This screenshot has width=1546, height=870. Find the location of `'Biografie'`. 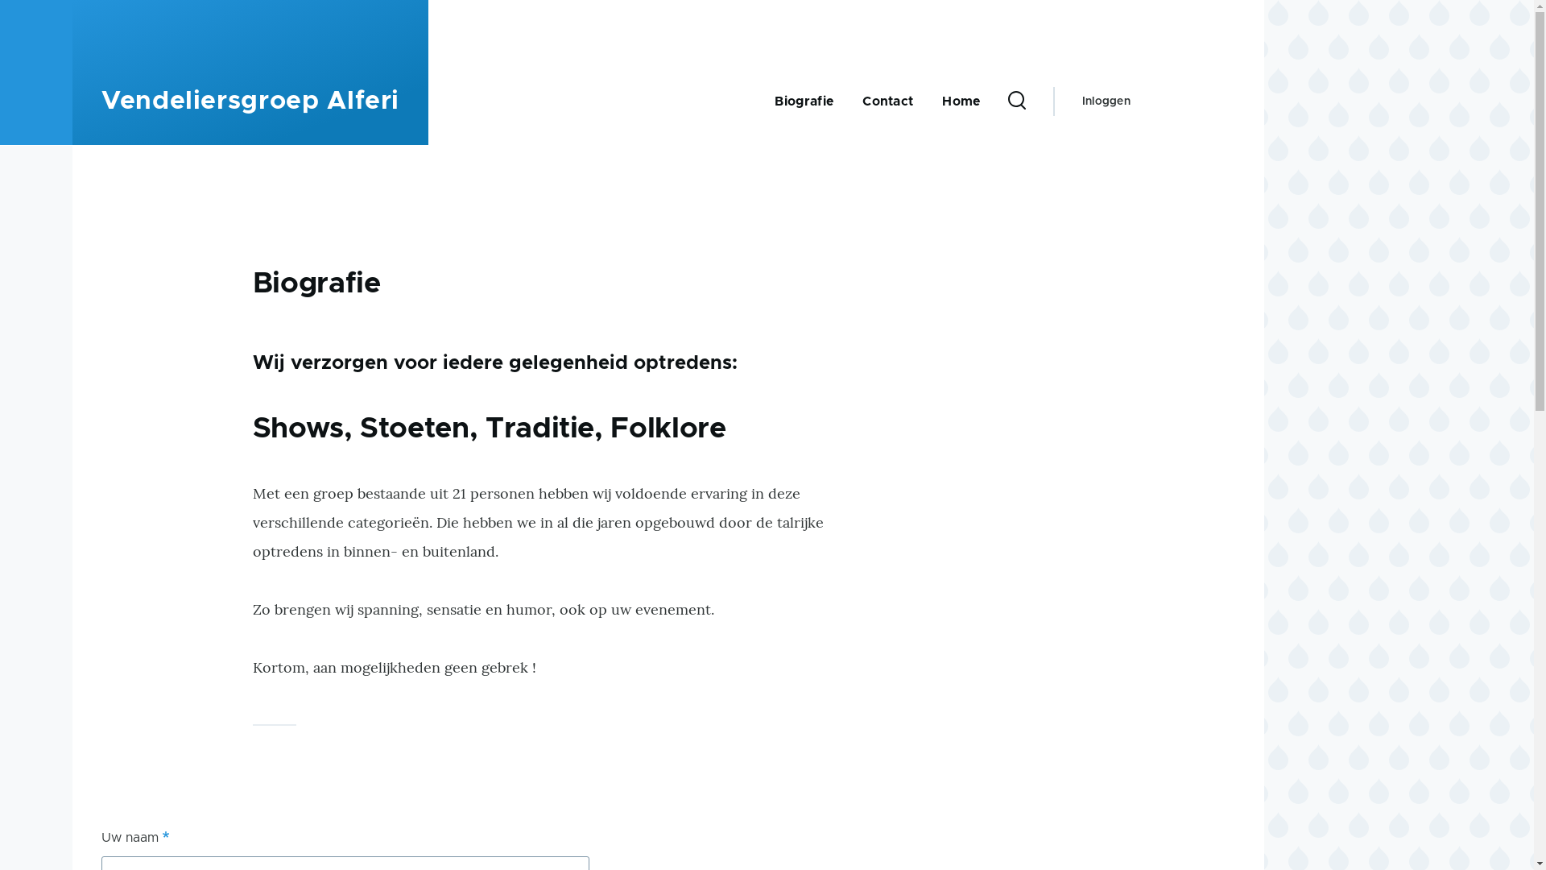

'Biografie' is located at coordinates (804, 101).